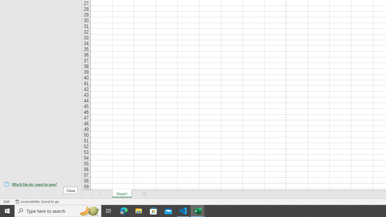  I want to click on 'Scroll Left', so click(91, 194).